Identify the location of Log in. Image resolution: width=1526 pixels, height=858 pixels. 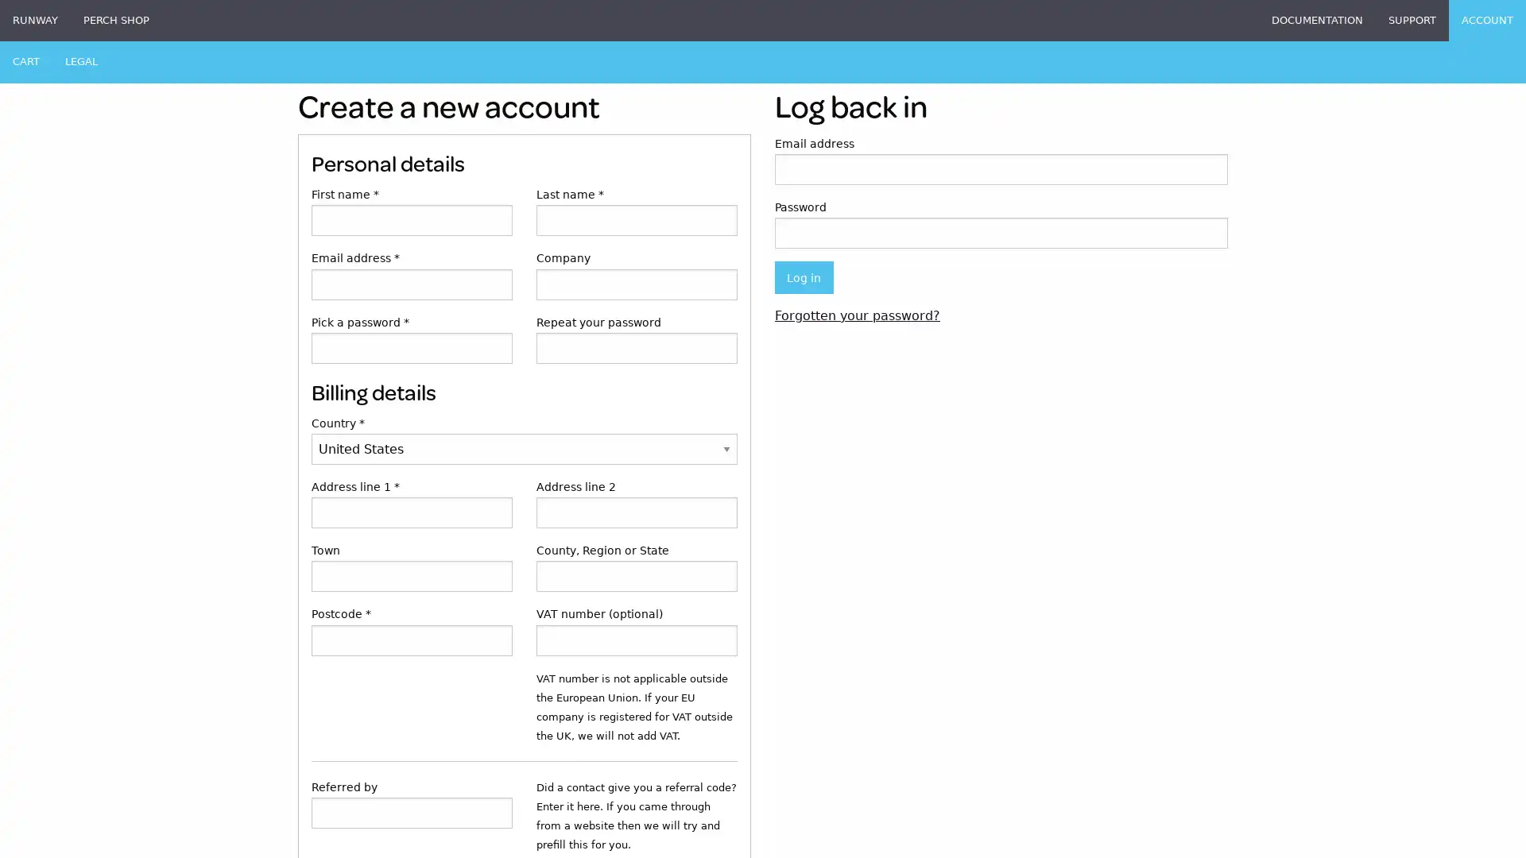
(804, 276).